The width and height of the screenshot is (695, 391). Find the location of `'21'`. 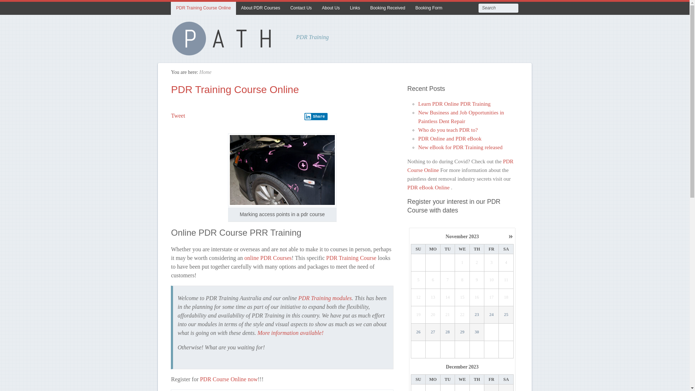

'21' is located at coordinates (447, 315).